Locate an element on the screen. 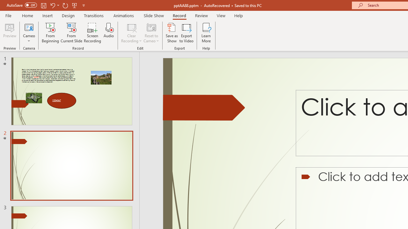 The width and height of the screenshot is (408, 229). 'From Current Slide...' is located at coordinates (71, 33).